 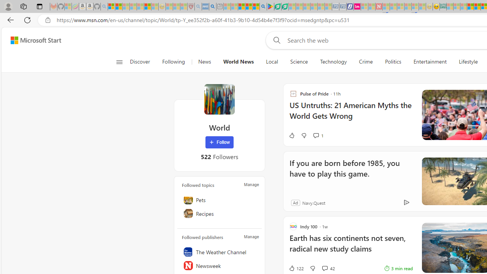 I want to click on 'Newsweek', so click(x=219, y=265).